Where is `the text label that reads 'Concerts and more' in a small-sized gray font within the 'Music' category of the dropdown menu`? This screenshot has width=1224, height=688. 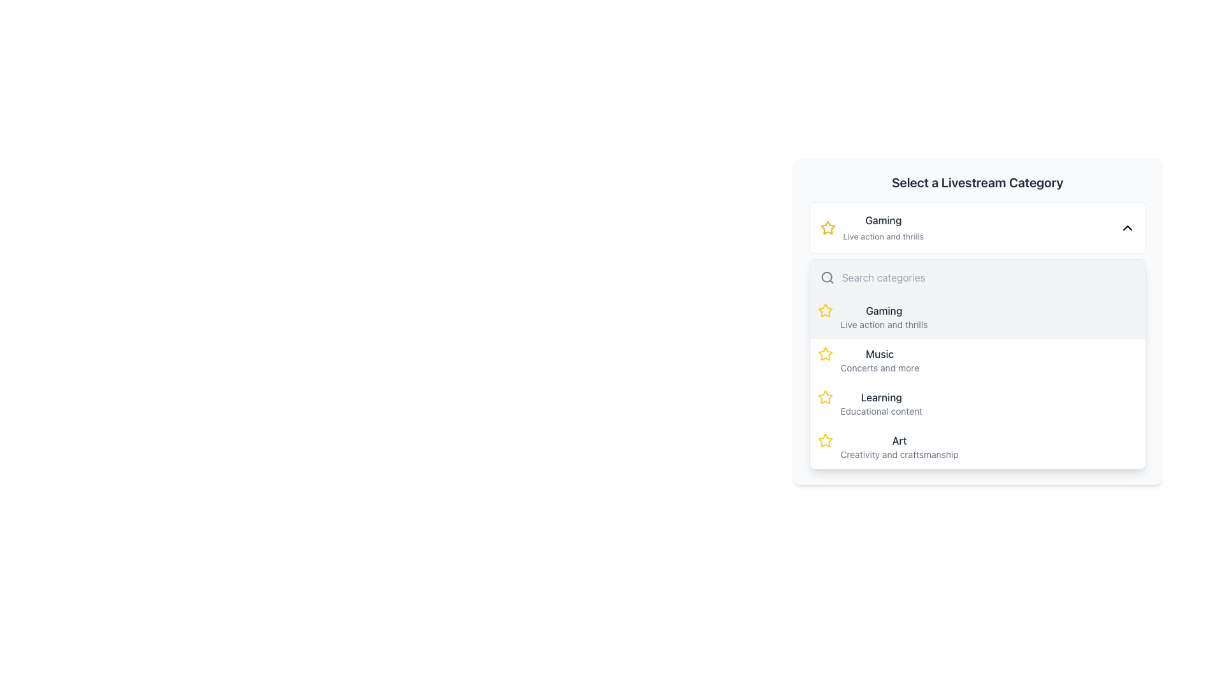
the text label that reads 'Concerts and more' in a small-sized gray font within the 'Music' category of the dropdown menu is located at coordinates (879, 368).